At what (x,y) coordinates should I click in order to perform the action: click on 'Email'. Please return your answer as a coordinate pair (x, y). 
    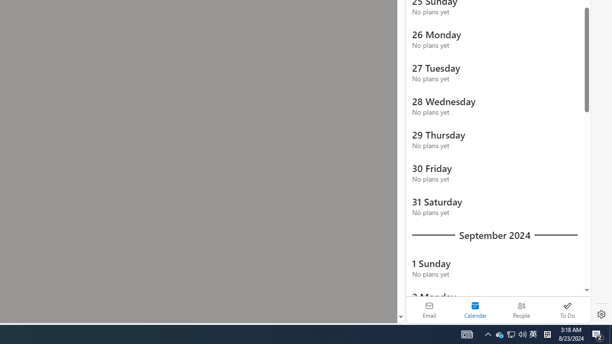
    Looking at the image, I should click on (429, 310).